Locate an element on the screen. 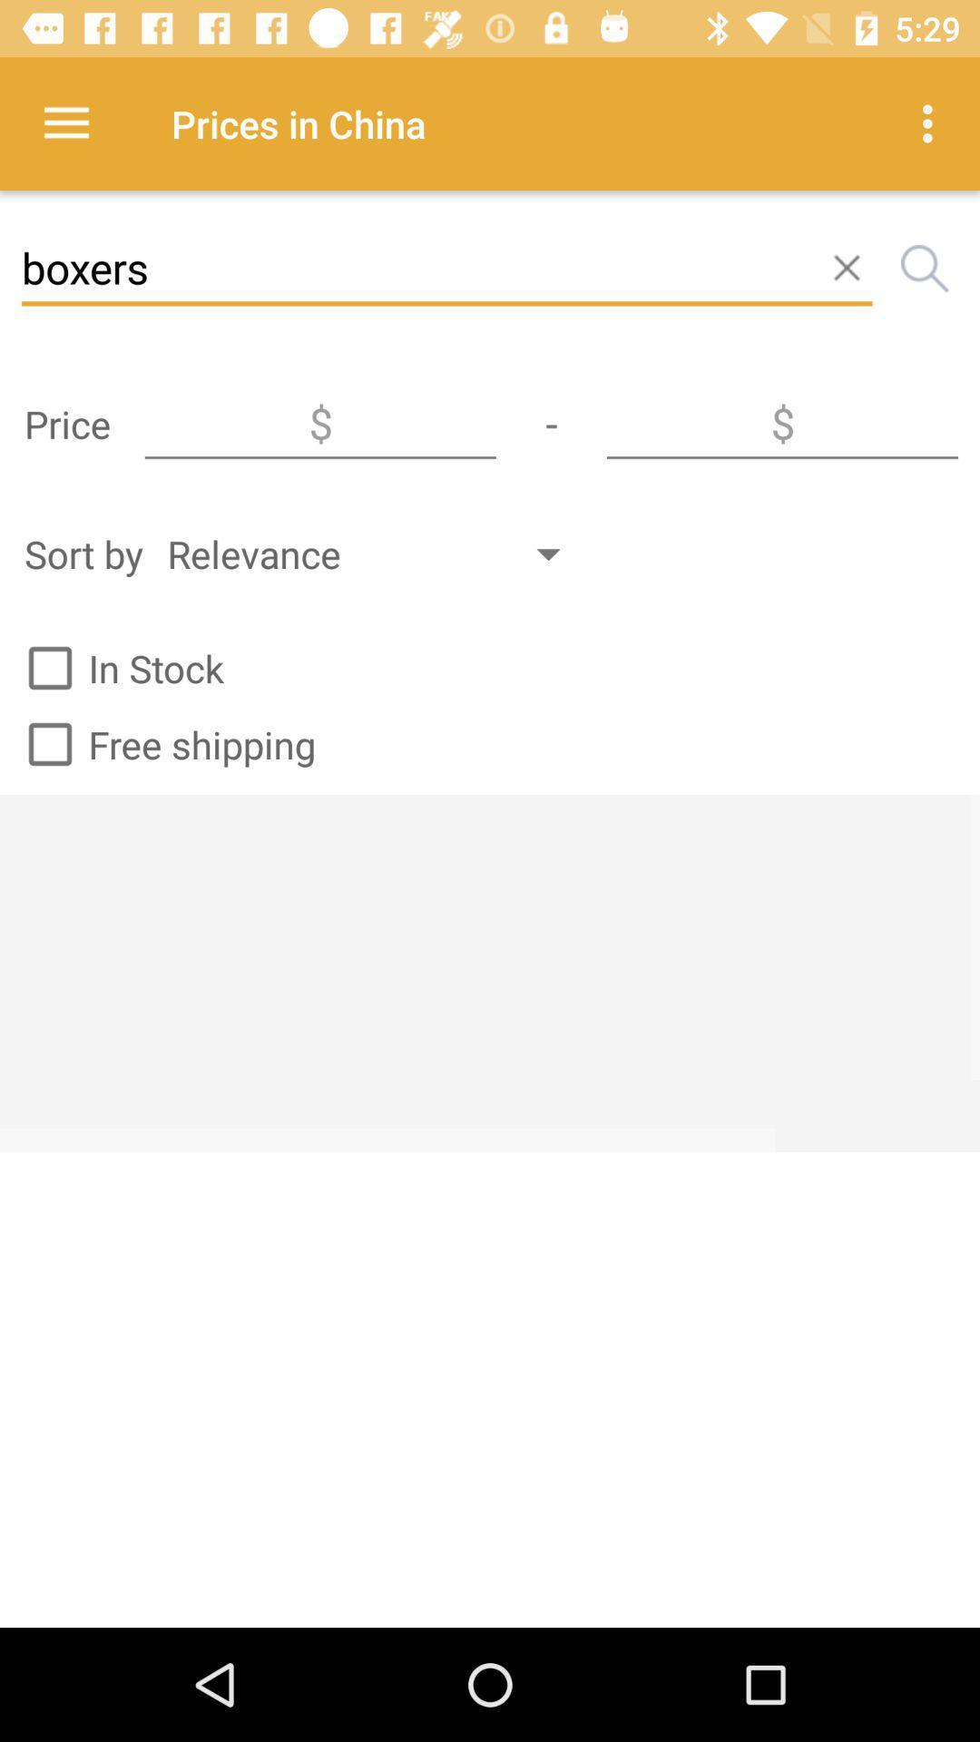 This screenshot has height=1742, width=980. the icon next to - icon is located at coordinates (781, 423).